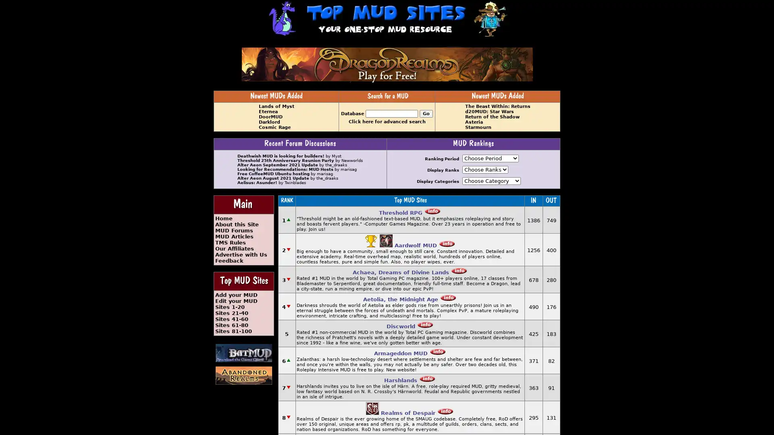  I want to click on Go, so click(426, 113).